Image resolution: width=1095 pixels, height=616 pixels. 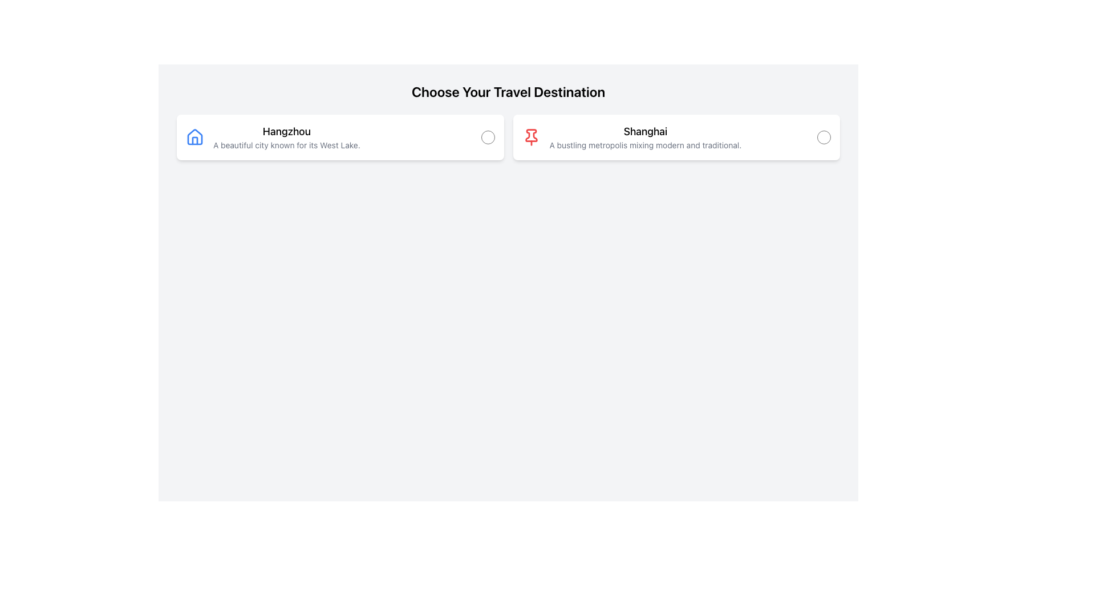 I want to click on the Text Display element that shows the title 'Shanghai', located at the top of the second card from the left in a horizontally arranged list of options, so click(x=645, y=131).